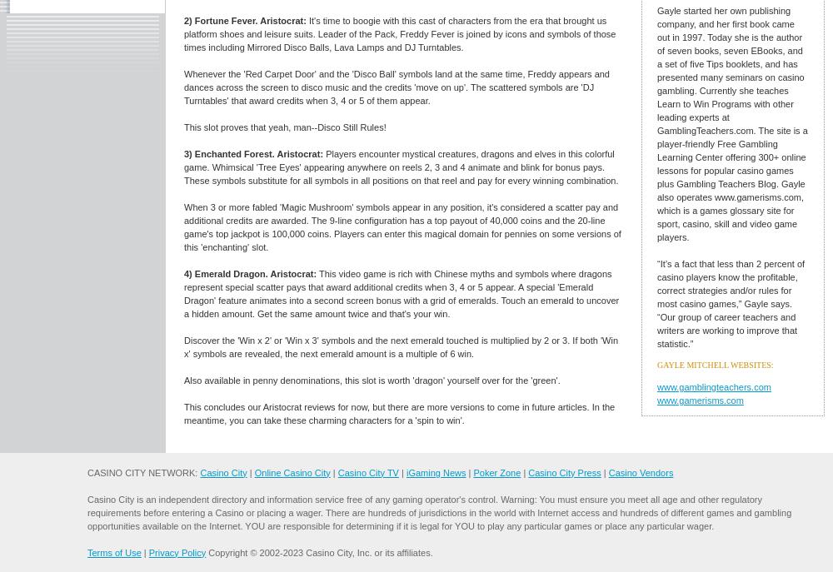  I want to click on '“It’s a fact that less than 2 percent of casino players know the profitable, correct strategies and/or rules for most casino games,” Gayle says. “Our group of career teachers and writers are working to improve that statistic.”', so click(731, 303).